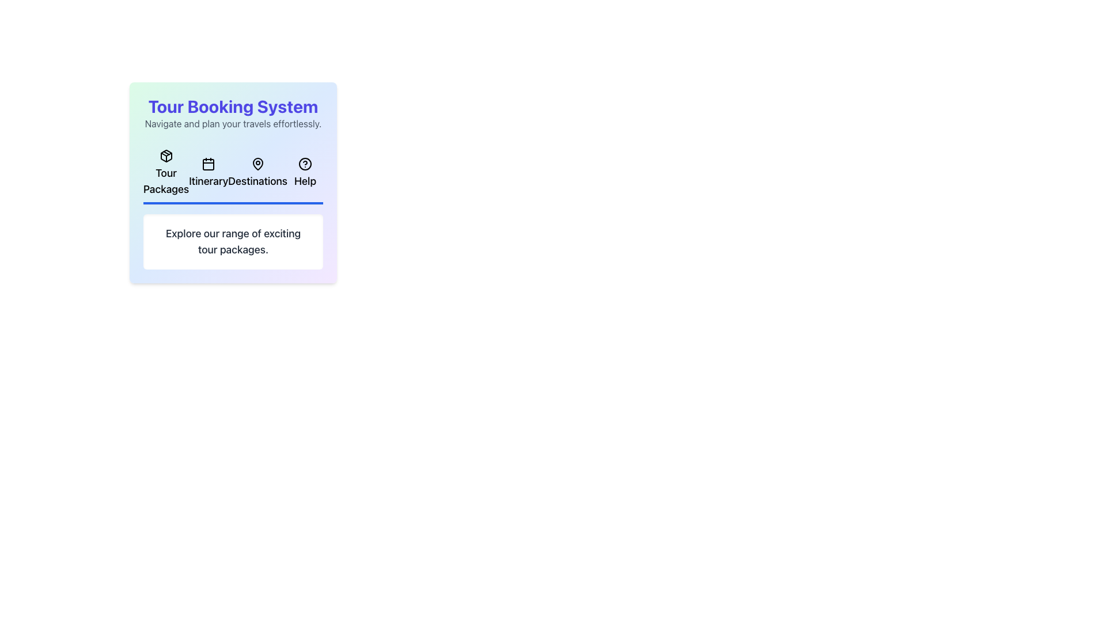  I want to click on the black map pin icon located above the text 'Destinations', which is the third element in a row of icons under the 'Tour Booking System' title, so click(257, 164).